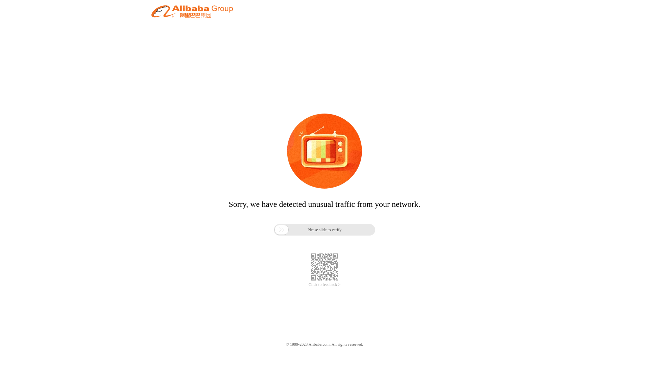 This screenshot has width=649, height=365. I want to click on 'Click to feedback >', so click(324, 285).